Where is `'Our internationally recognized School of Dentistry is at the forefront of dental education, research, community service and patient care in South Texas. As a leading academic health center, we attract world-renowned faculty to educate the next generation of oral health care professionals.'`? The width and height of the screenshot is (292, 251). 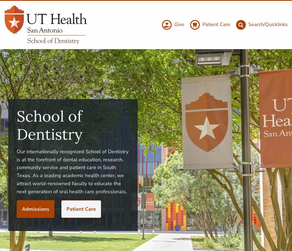 'Our internationally recognized School of Dentistry is at the forefront of dental education, research, community service and patient care in South Texas. As a leading academic health center, we attract world-renowned faculty to educate the next generation of oral health care professionals.' is located at coordinates (73, 171).